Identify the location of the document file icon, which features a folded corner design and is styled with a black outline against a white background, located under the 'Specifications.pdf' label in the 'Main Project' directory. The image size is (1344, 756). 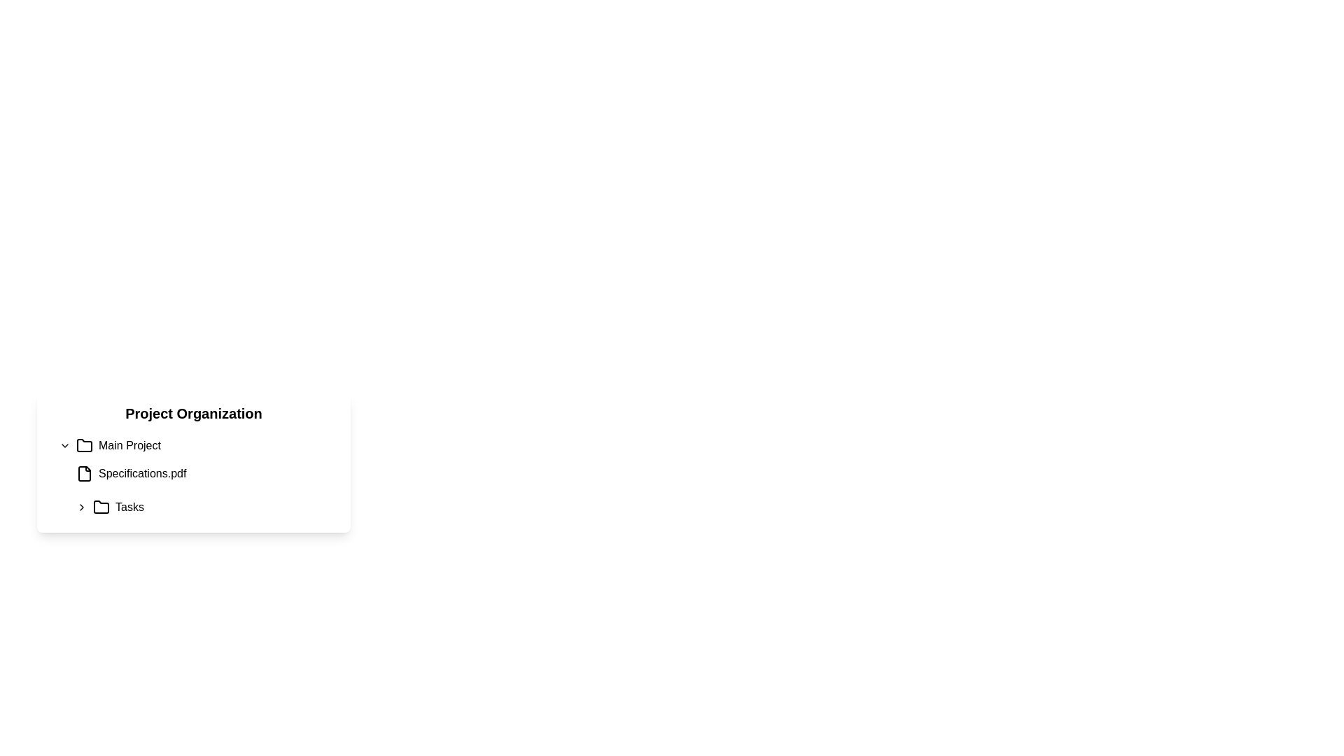
(83, 473).